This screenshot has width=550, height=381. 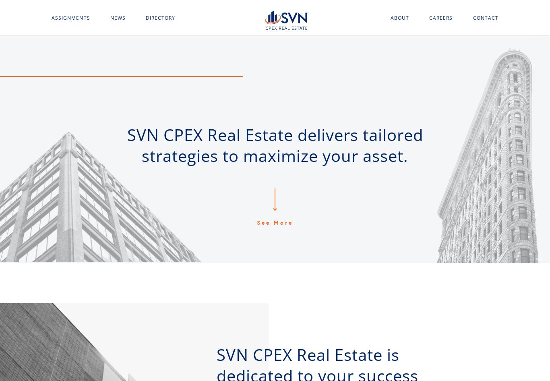 I want to click on 'News', so click(x=118, y=17).